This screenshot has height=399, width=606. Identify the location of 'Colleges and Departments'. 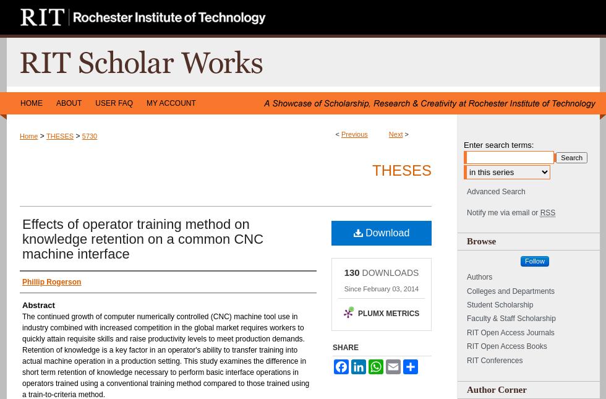
(511, 291).